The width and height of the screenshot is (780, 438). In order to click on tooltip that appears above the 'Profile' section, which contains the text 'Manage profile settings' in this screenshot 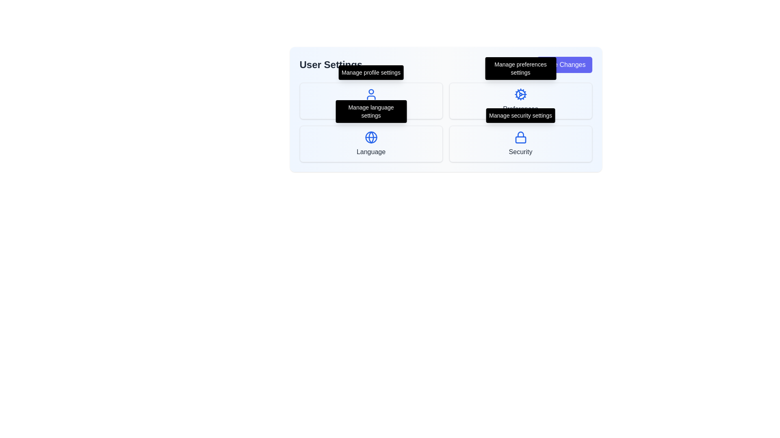, I will do `click(370, 72)`.